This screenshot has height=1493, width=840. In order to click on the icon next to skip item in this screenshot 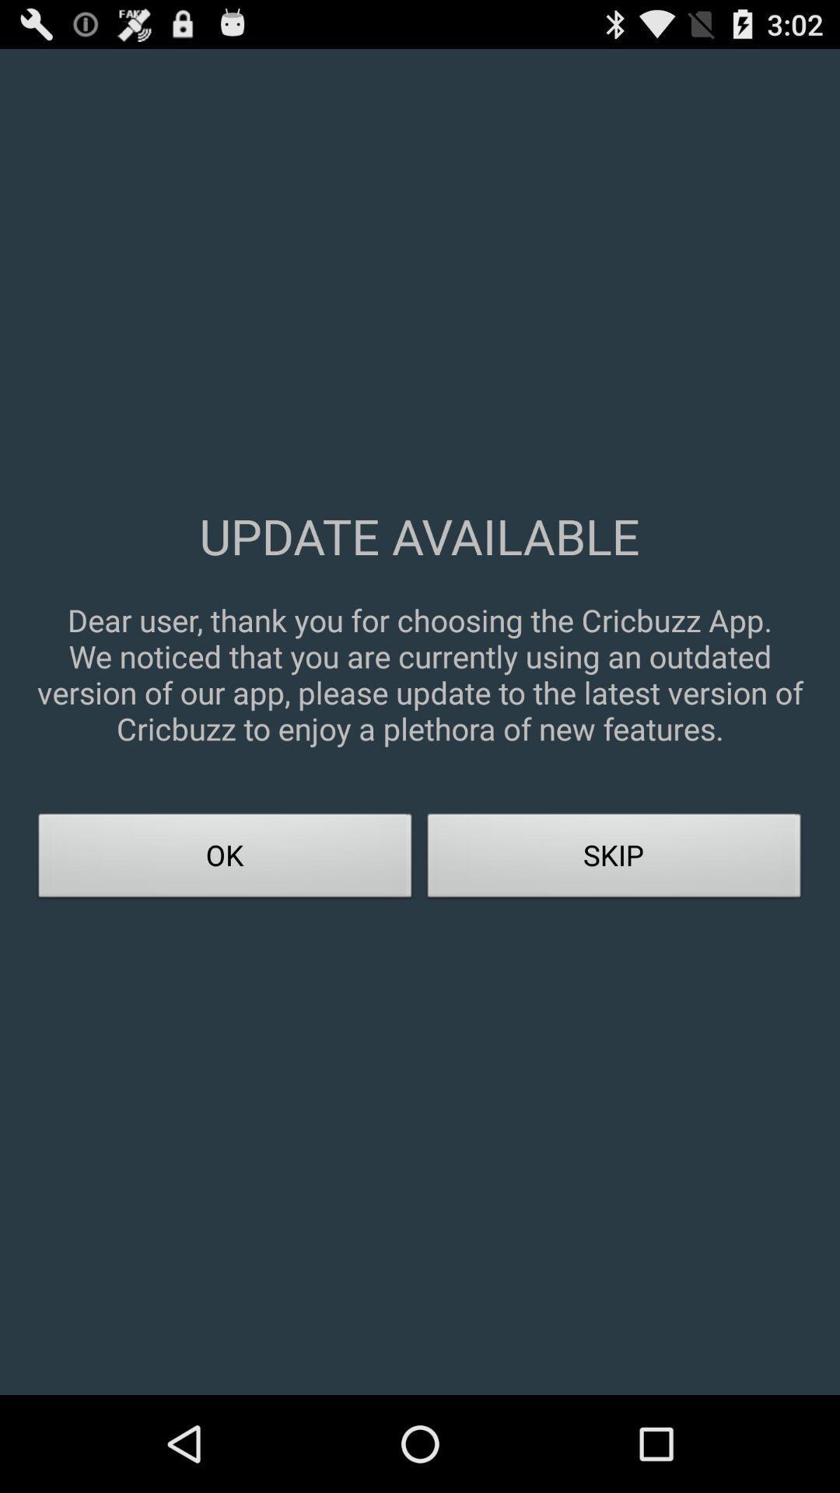, I will do `click(225, 859)`.